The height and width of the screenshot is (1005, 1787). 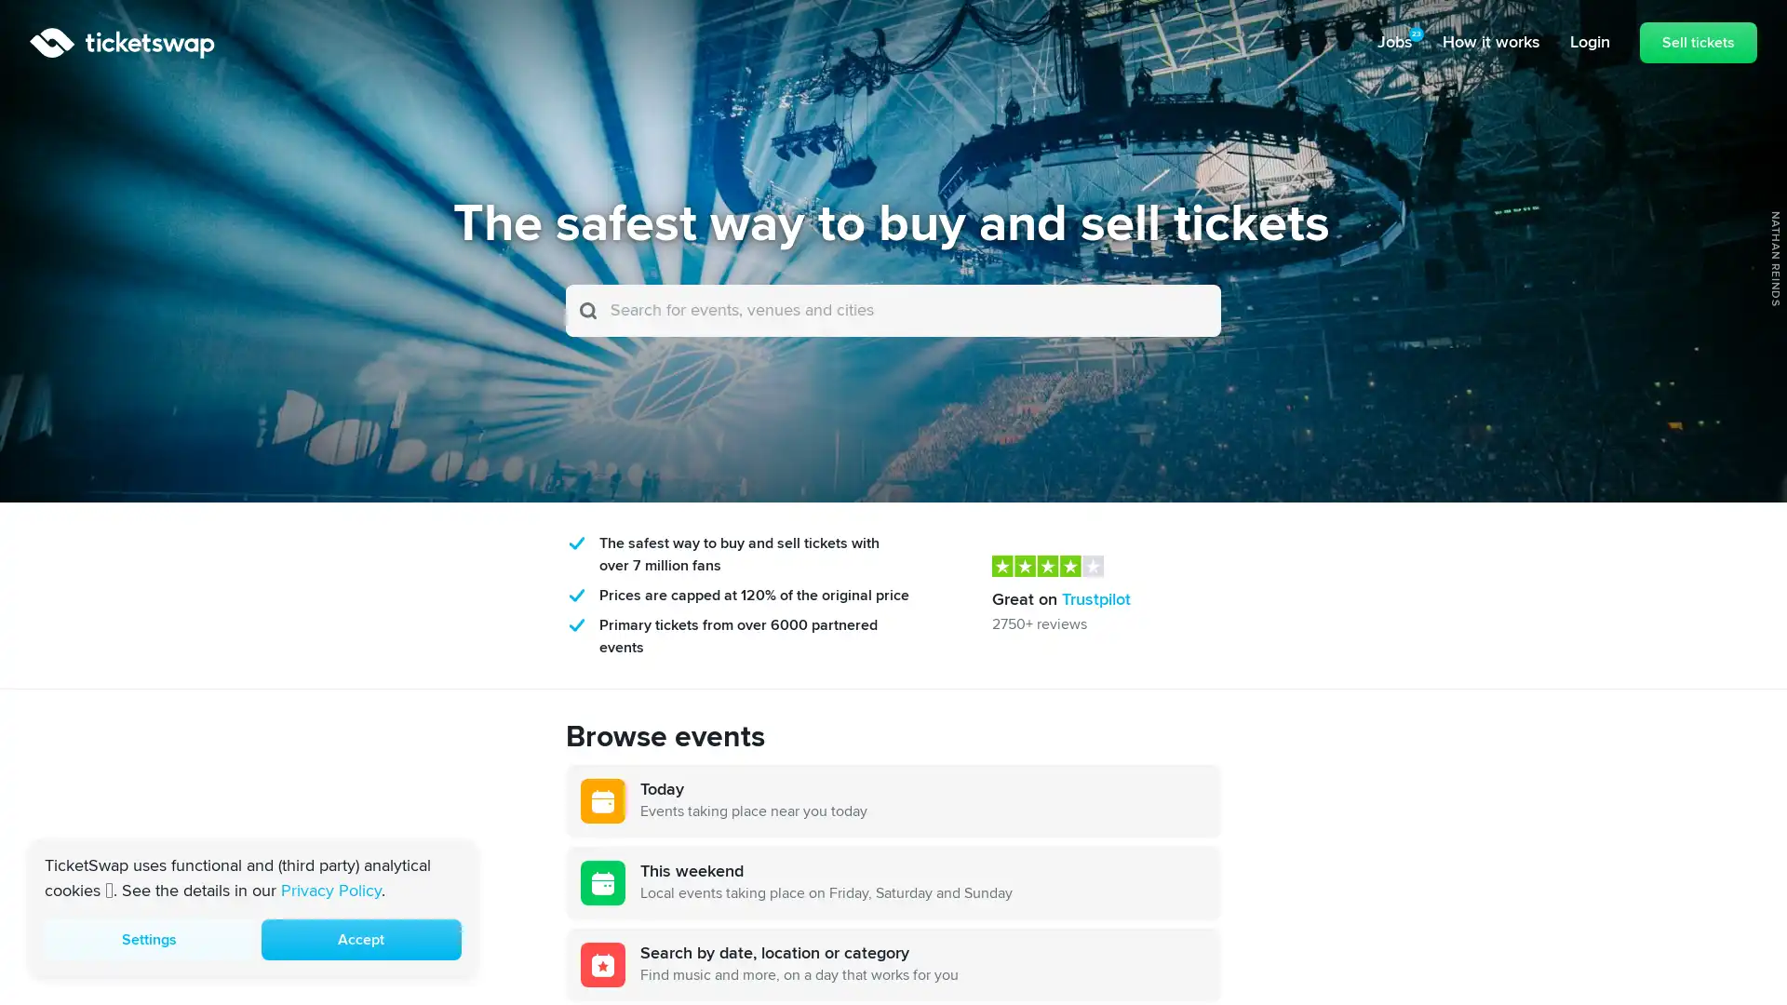 I want to click on Accept, so click(x=361, y=940).